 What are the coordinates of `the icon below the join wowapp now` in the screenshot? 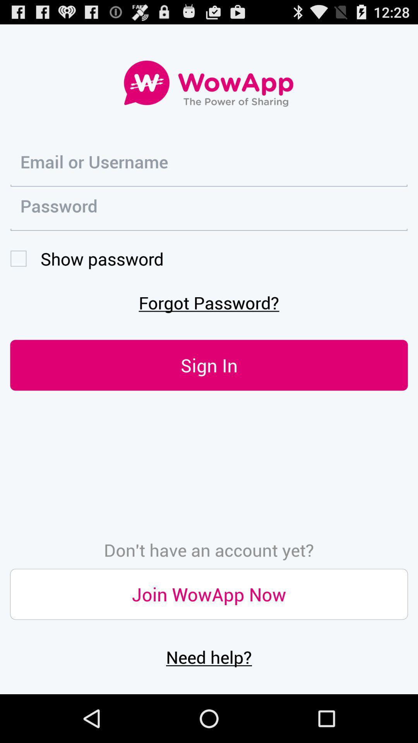 It's located at (209, 656).